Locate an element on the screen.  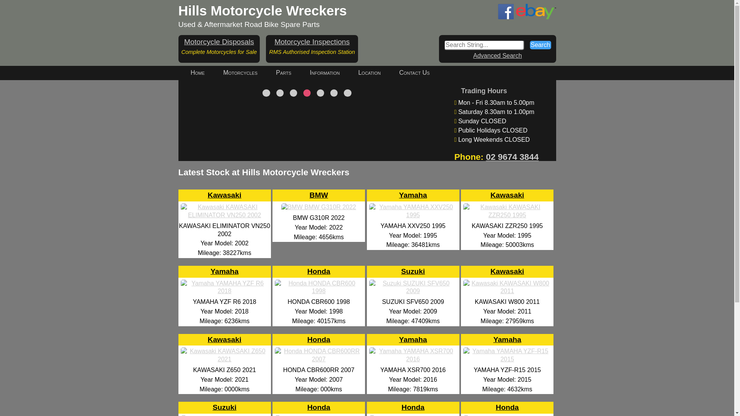
'Suzuki SUZUKI  SFV650   2009' is located at coordinates (412, 291).